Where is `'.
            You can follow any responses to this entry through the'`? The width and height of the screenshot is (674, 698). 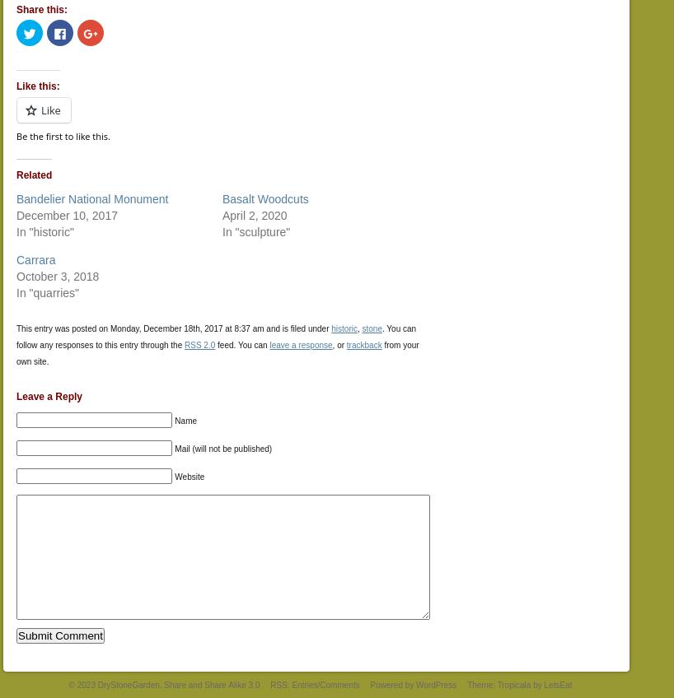
'.
            You can follow any responses to this entry through the' is located at coordinates (216, 336).